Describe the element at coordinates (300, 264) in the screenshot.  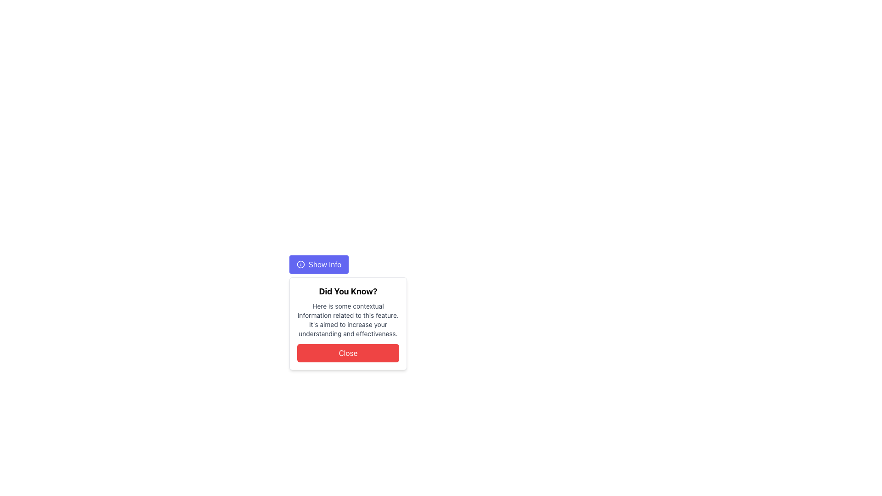
I see `the circular icon with an information symbol ('i') located within the 'Show Info' button in the top-left corner` at that location.